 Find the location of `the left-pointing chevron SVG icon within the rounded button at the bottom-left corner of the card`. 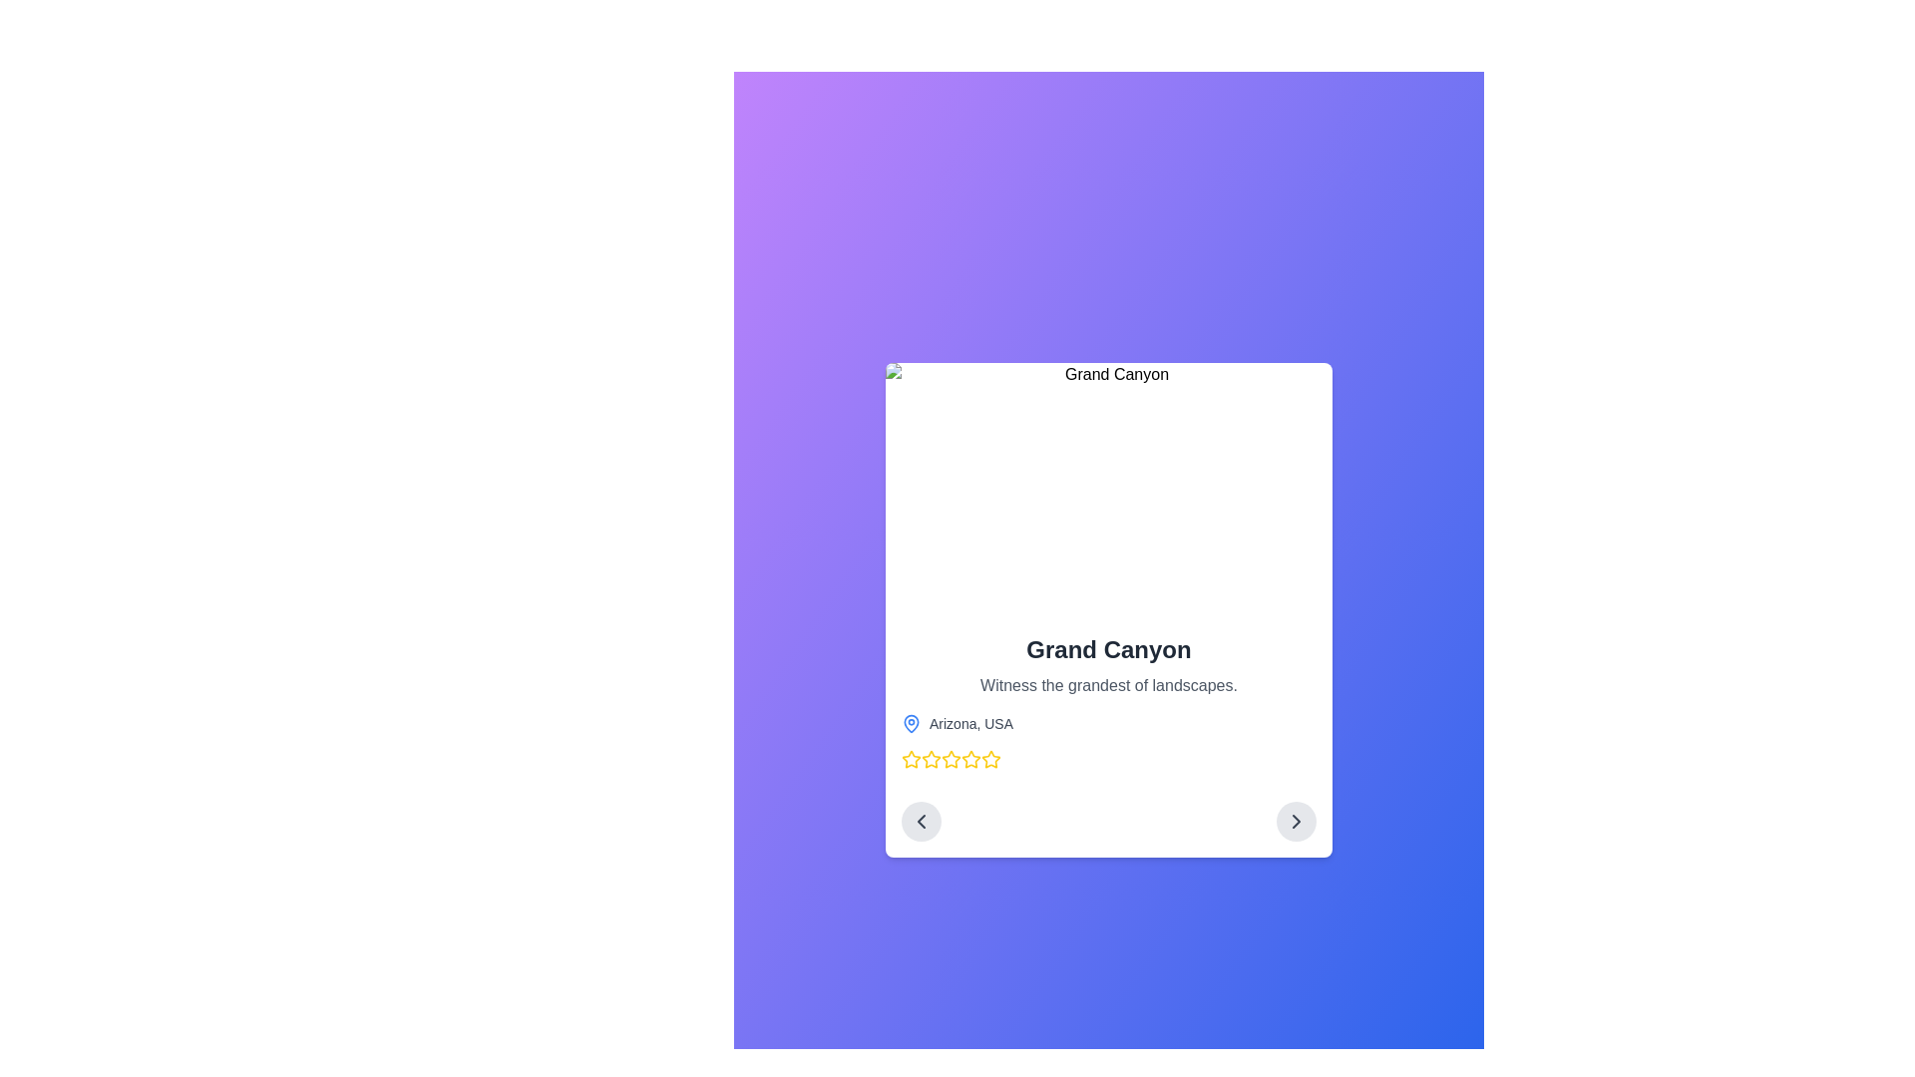

the left-pointing chevron SVG icon within the rounded button at the bottom-left corner of the card is located at coordinates (921, 822).